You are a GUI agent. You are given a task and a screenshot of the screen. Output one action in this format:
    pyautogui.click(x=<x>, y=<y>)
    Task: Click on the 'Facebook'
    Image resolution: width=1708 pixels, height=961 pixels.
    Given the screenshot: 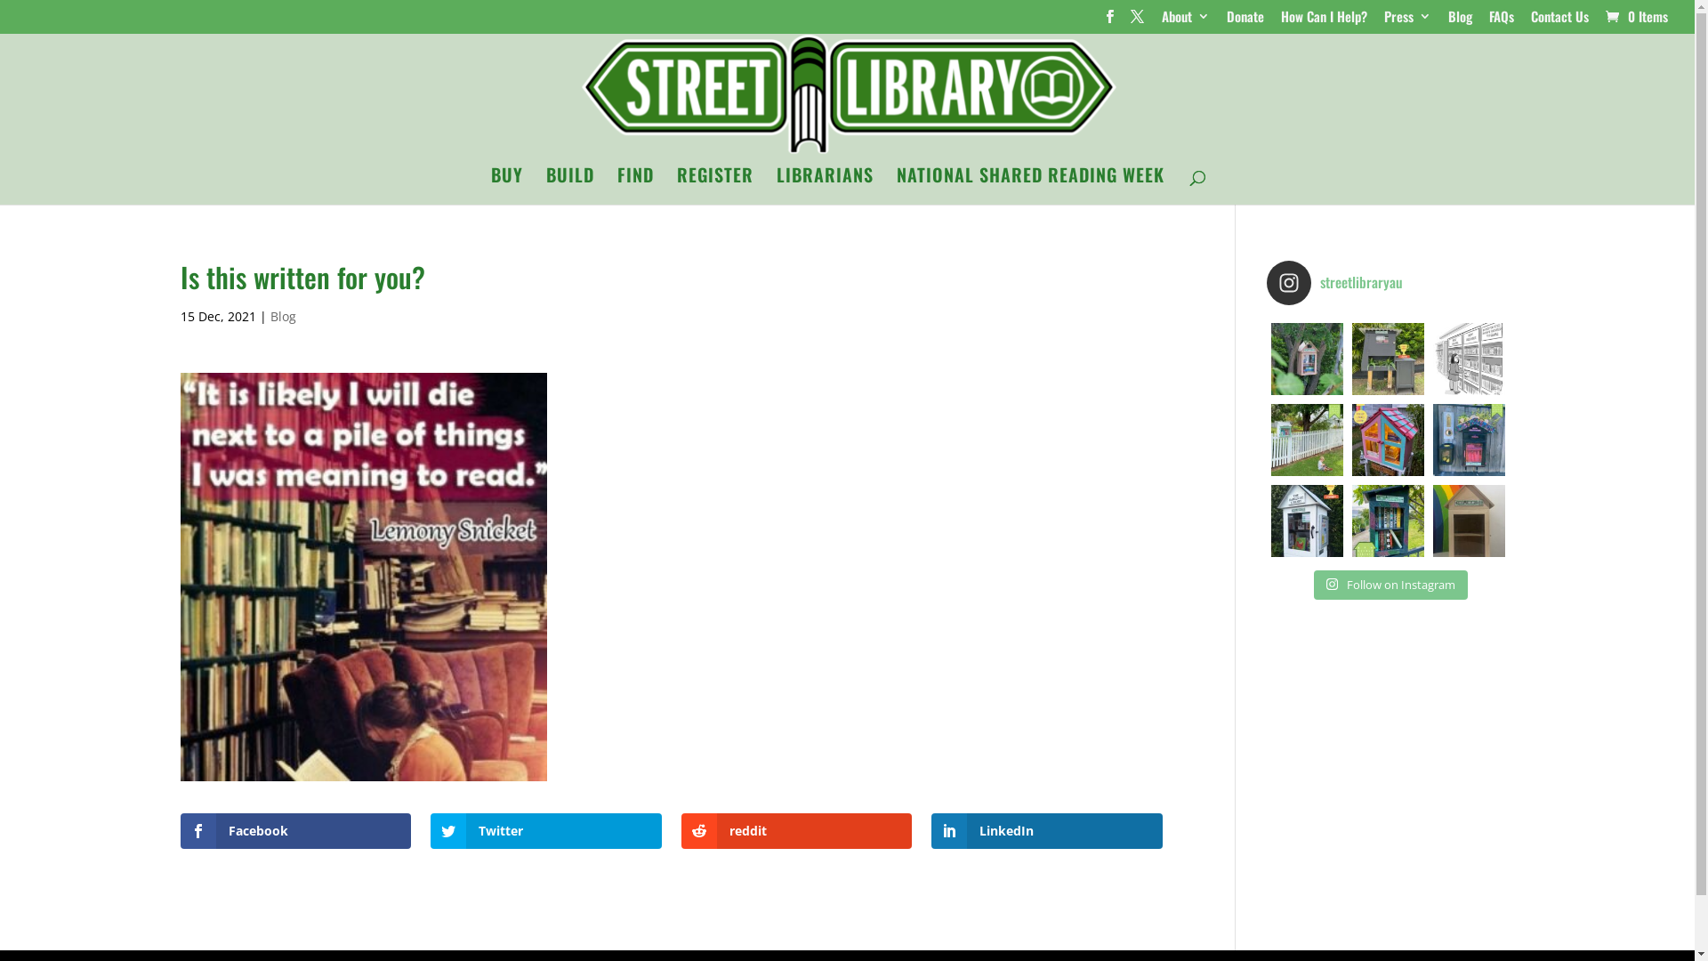 What is the action you would take?
    pyautogui.click(x=294, y=830)
    